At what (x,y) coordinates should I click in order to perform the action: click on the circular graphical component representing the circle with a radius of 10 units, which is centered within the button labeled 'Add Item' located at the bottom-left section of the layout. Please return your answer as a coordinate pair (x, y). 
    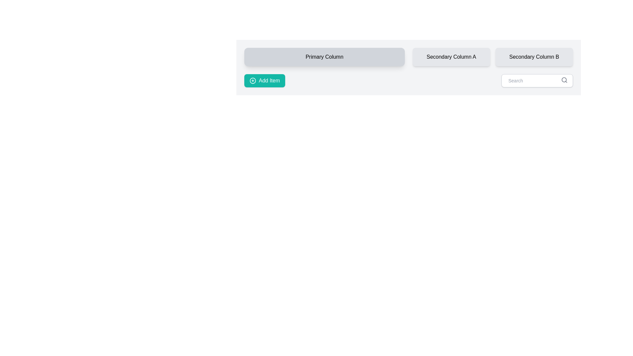
    Looking at the image, I should click on (253, 80).